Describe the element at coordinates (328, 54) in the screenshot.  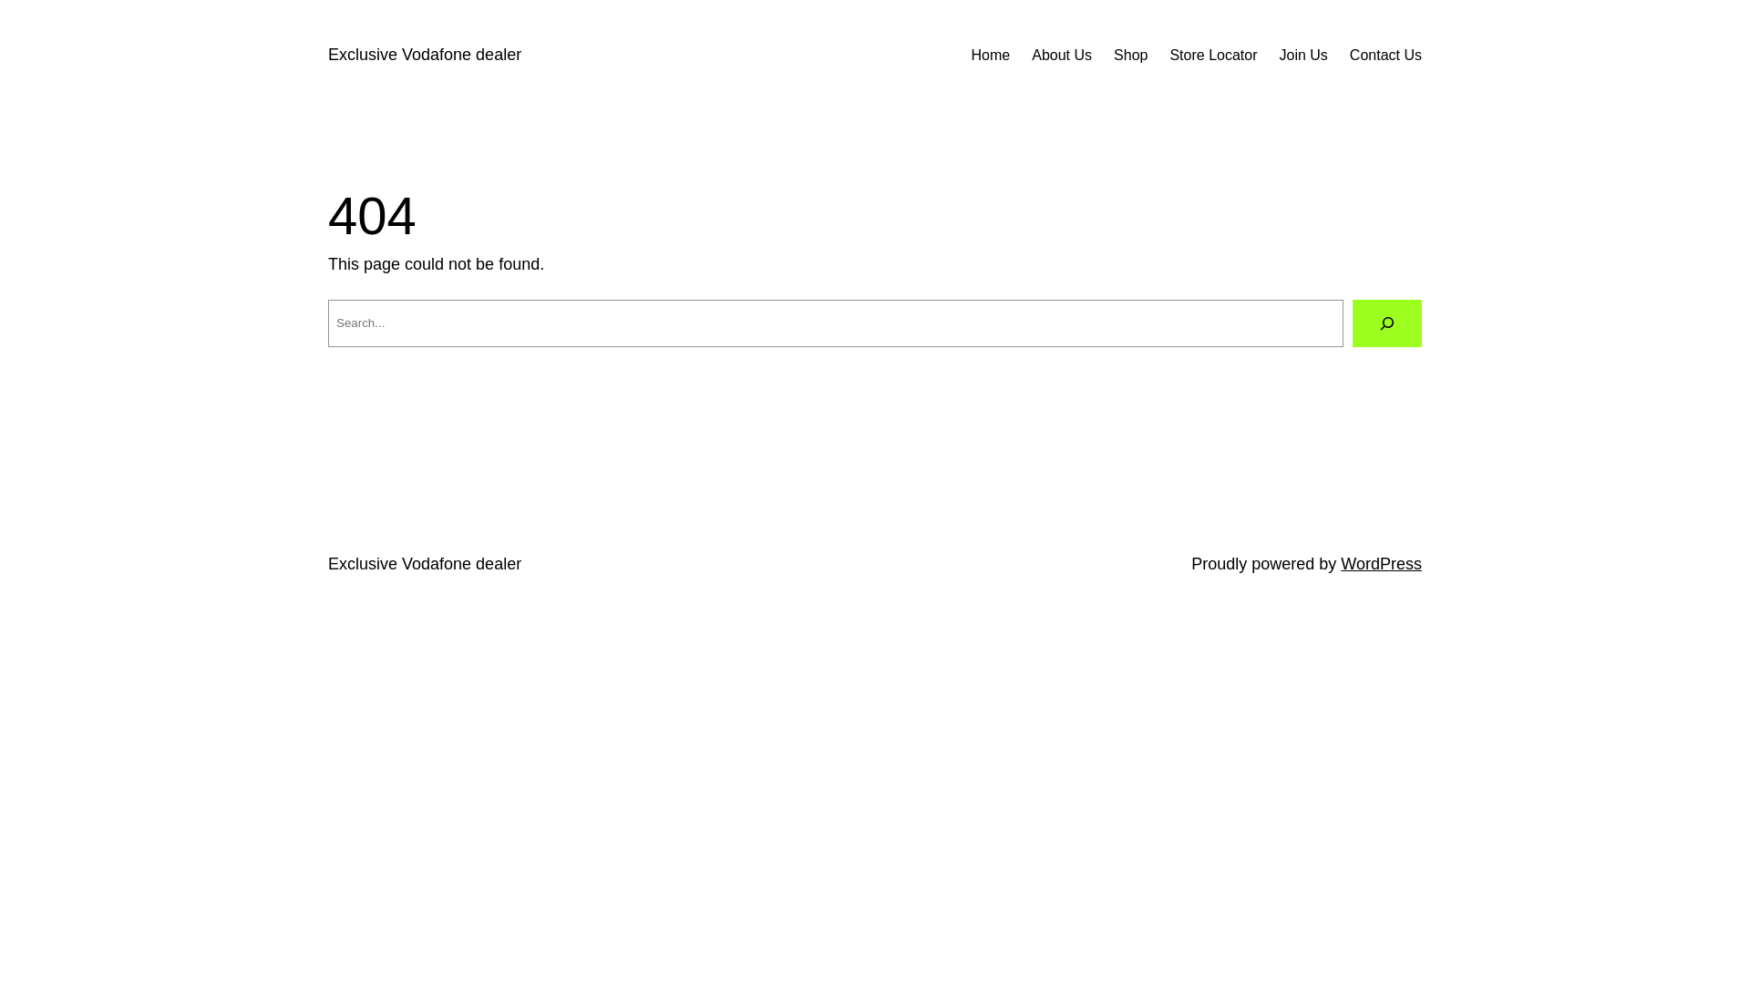
I see `'Exclusive Vodafone dealer'` at that location.